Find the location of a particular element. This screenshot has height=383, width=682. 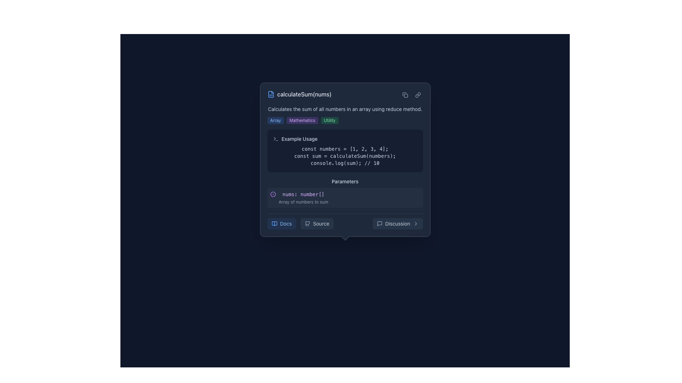

the button located at the bottom center of the modal dialog box that redirects users to the source code or related repository is located at coordinates (345, 226).